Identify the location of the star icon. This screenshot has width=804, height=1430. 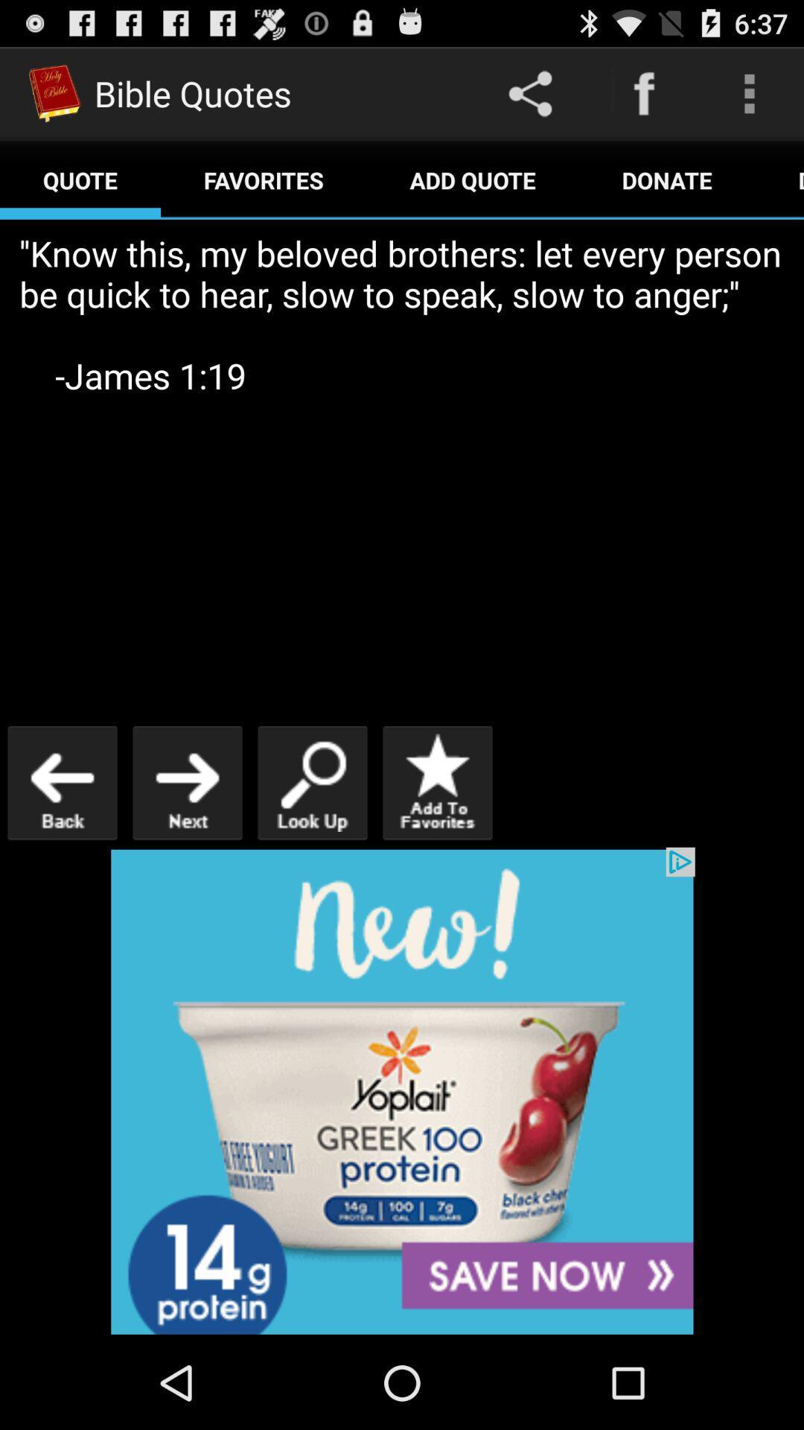
(436, 837).